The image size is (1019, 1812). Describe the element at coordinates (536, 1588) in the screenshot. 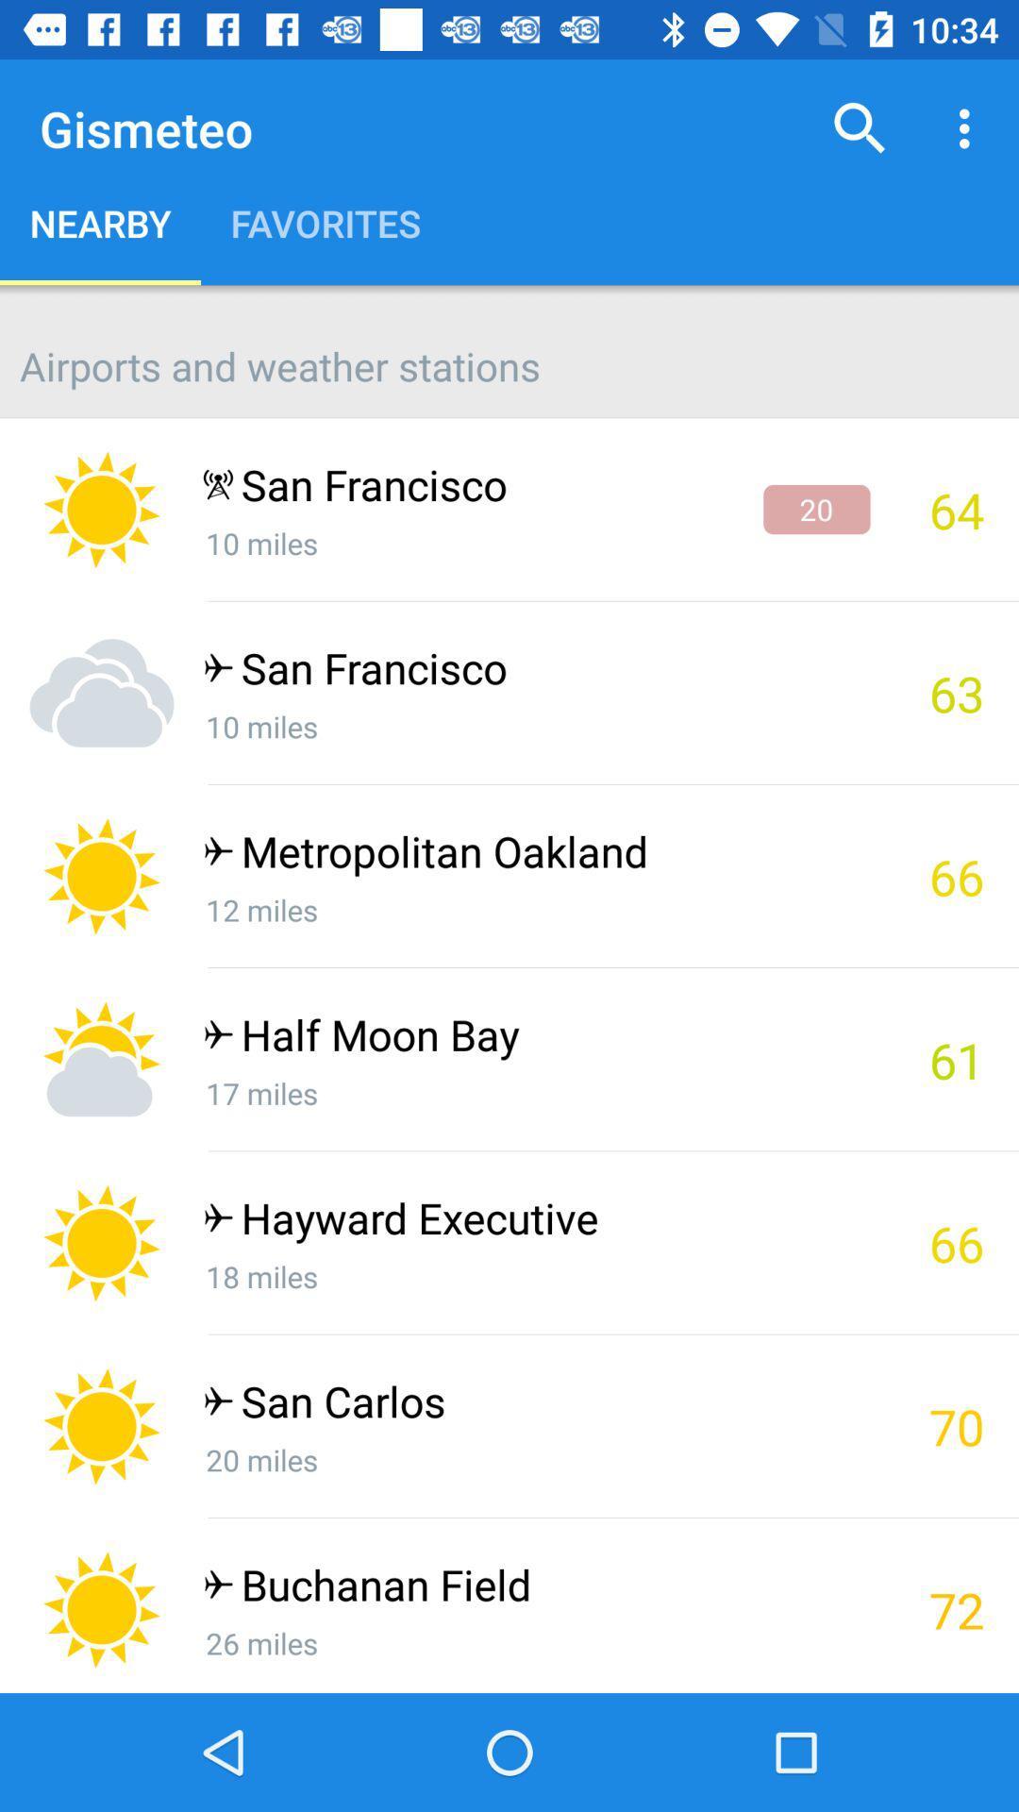

I see `the buchanan field icon` at that location.